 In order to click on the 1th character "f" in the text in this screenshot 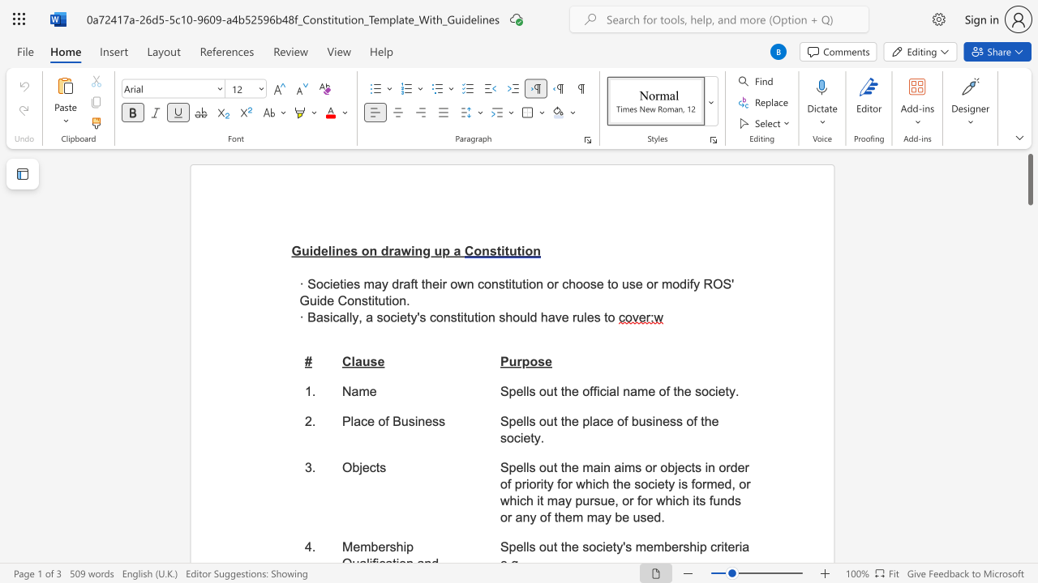, I will do `click(590, 391)`.